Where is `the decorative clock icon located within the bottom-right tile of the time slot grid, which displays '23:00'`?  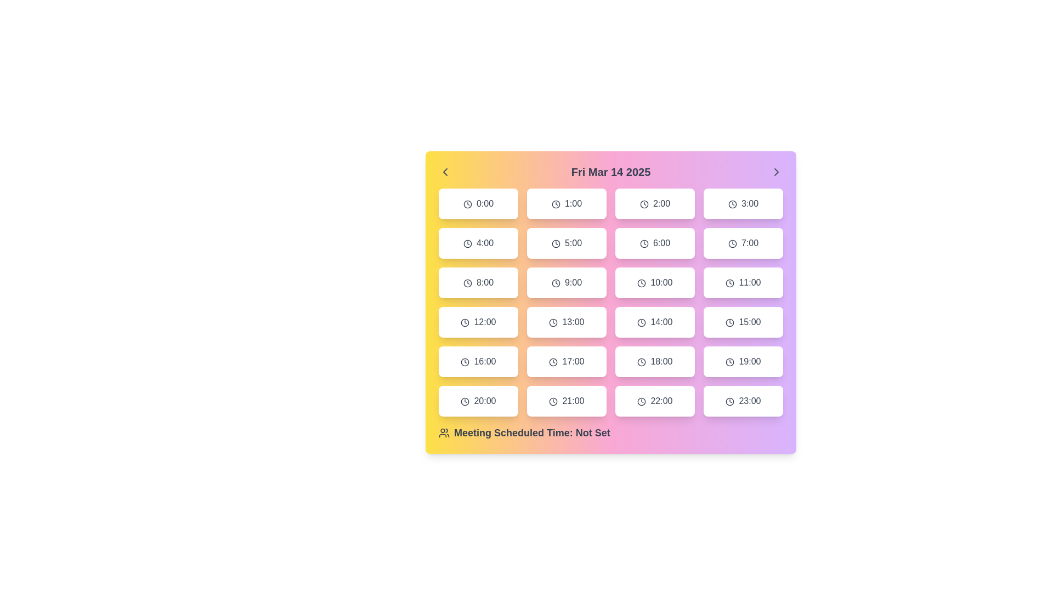
the decorative clock icon located within the bottom-right tile of the time slot grid, which displays '23:00' is located at coordinates (730, 401).